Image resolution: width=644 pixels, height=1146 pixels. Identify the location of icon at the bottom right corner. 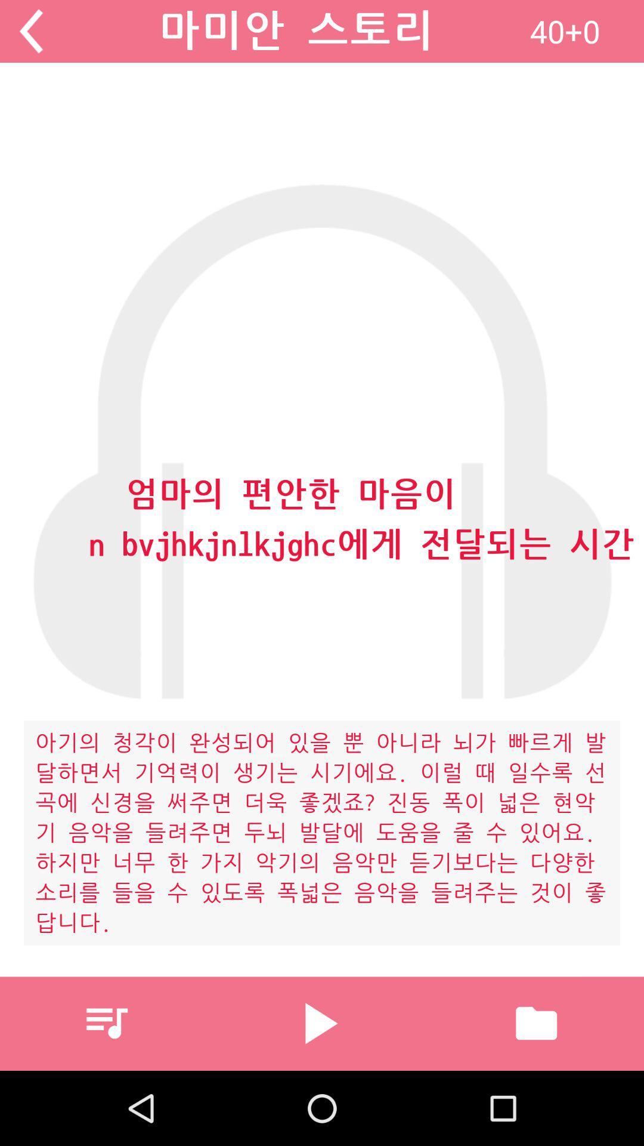
(535, 1022).